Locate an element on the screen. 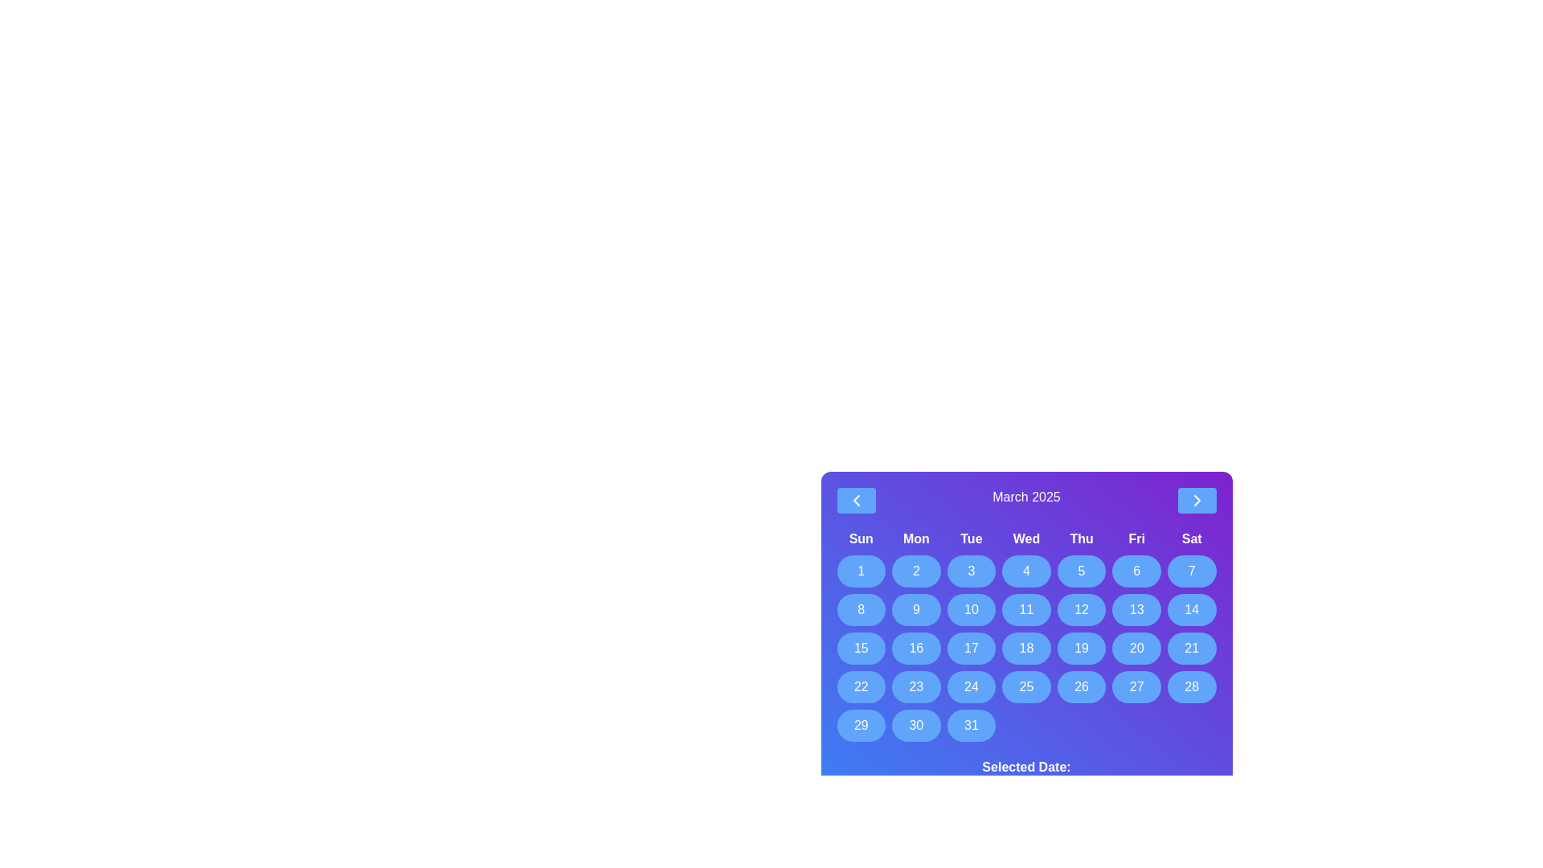 The height and width of the screenshot is (868, 1543). the button representing the 24th day in the calendar grid under the 'Tue' header is located at coordinates (970, 687).